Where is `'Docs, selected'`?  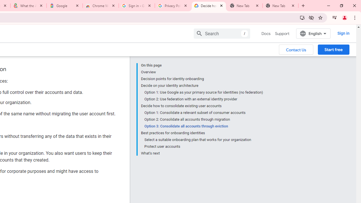 'Docs, selected' is located at coordinates (265, 34).